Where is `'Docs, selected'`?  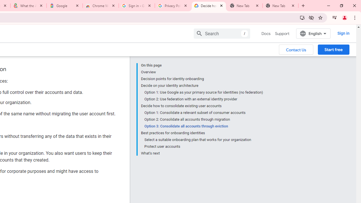 'Docs, selected' is located at coordinates (265, 34).